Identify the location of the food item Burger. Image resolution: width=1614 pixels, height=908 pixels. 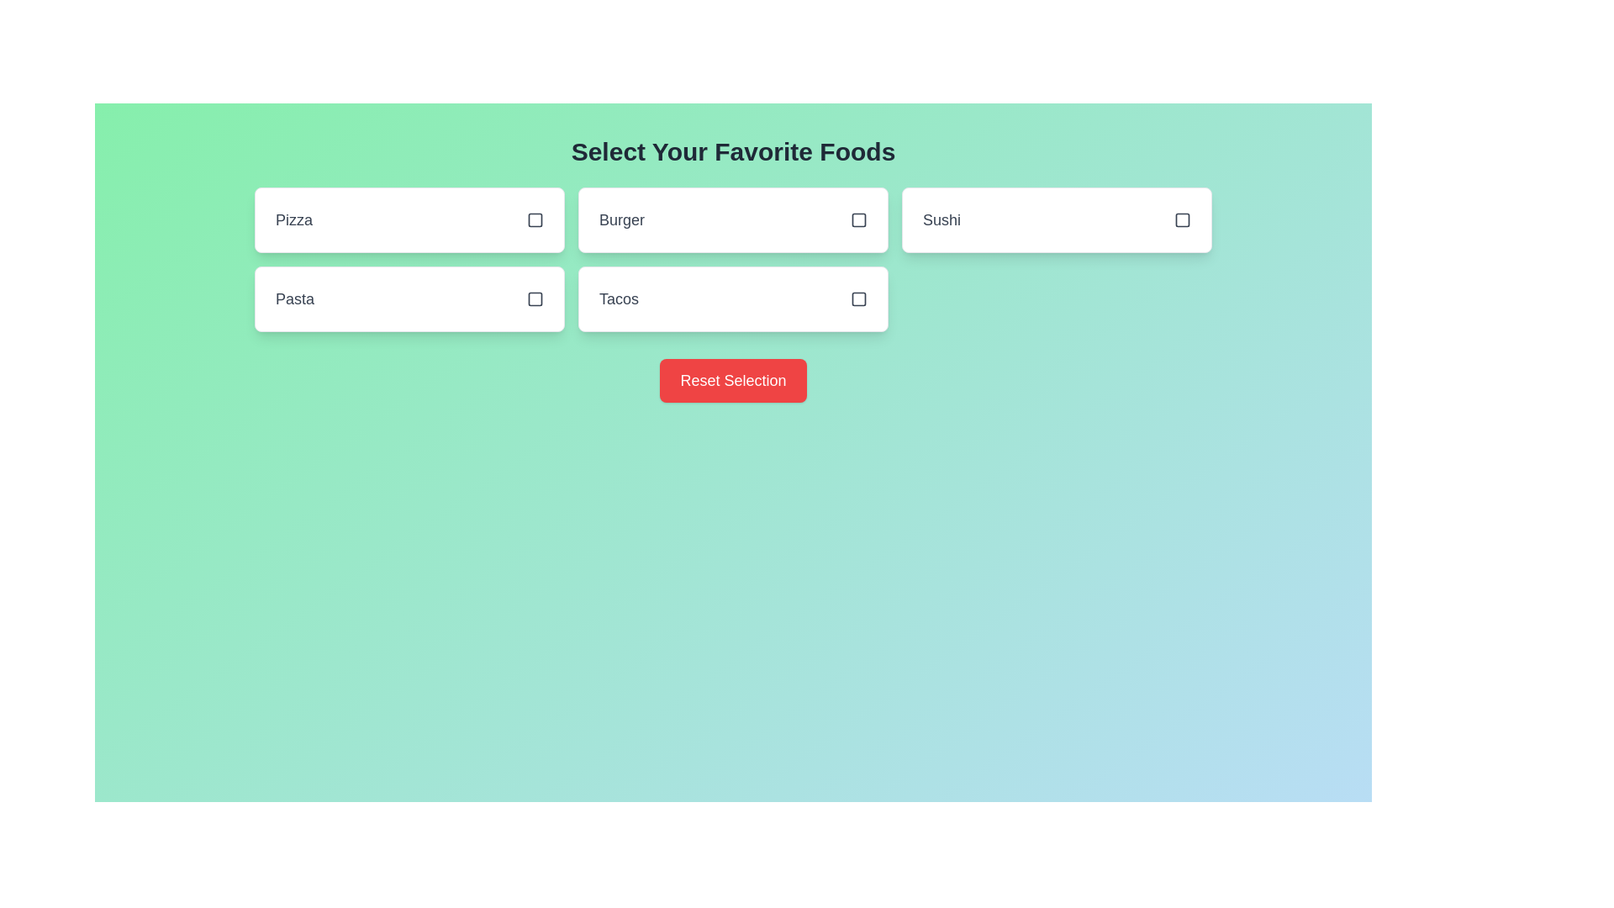
(733, 219).